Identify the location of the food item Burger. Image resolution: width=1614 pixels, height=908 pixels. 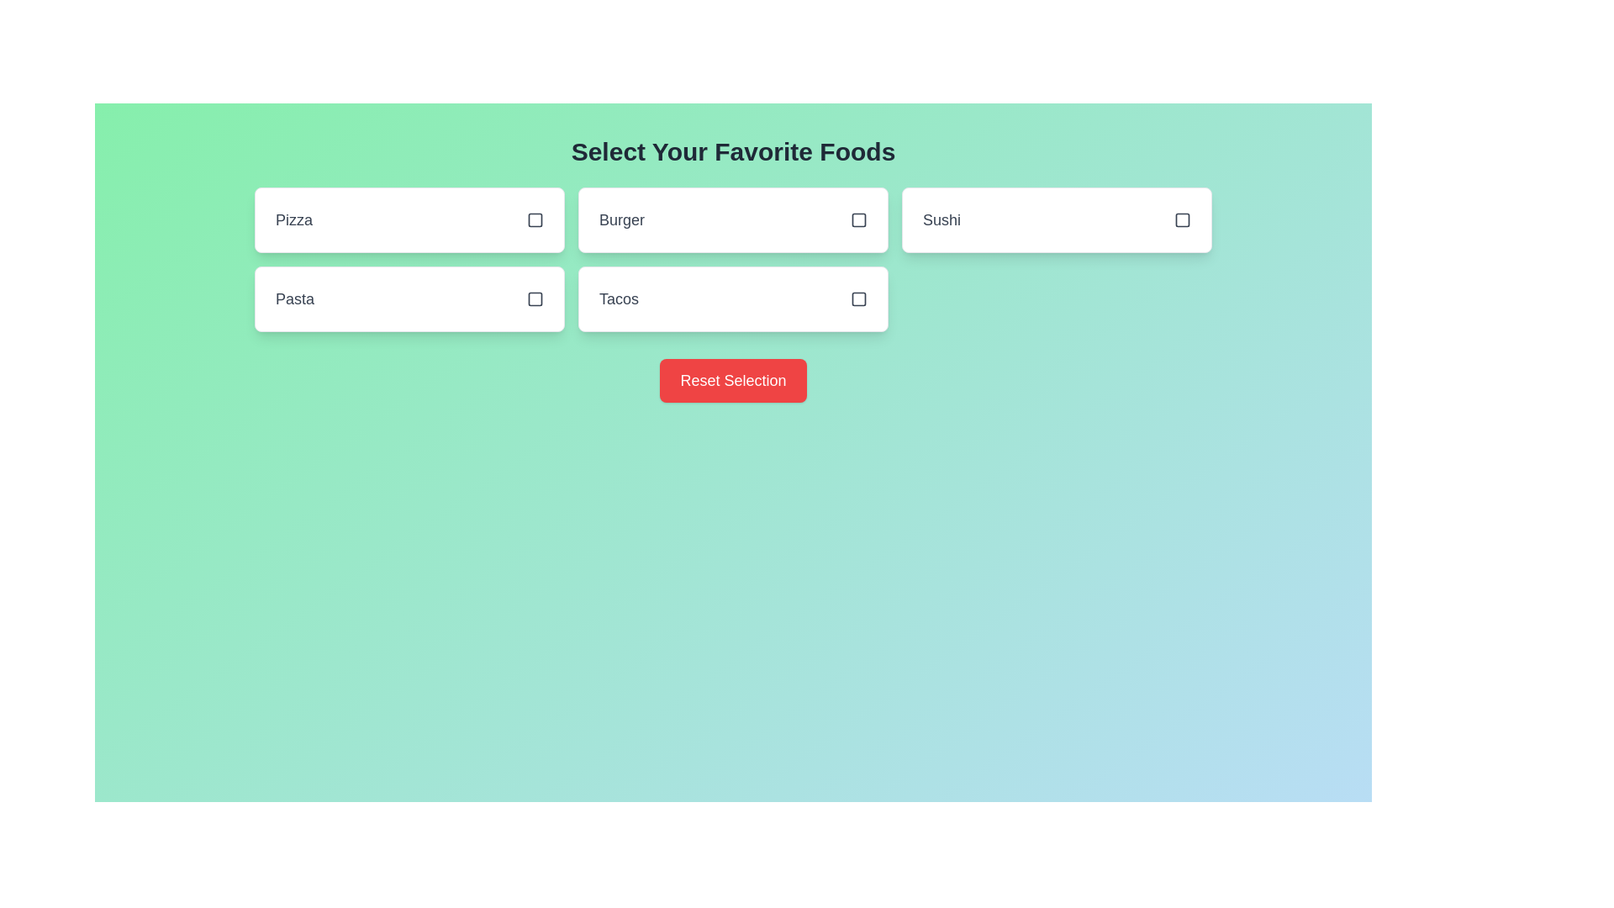
(733, 219).